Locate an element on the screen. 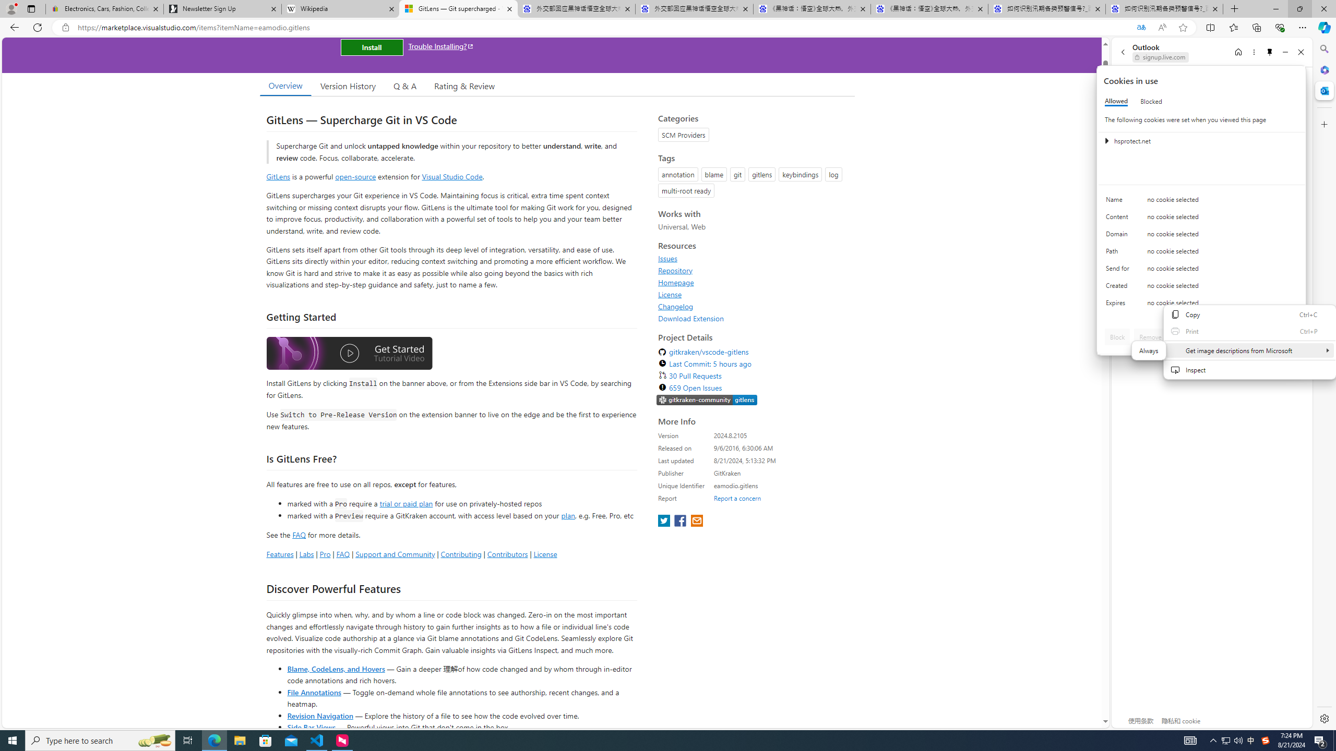 This screenshot has width=1336, height=751. 'Path' is located at coordinates (1119, 253).